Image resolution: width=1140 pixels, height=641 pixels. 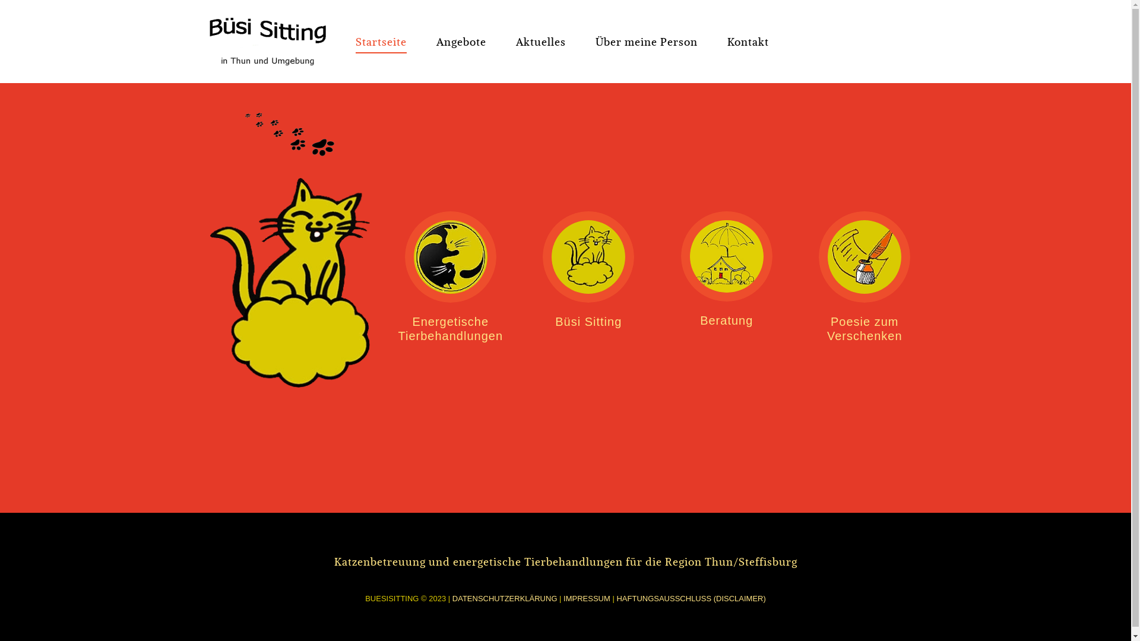 What do you see at coordinates (746, 40) in the screenshot?
I see `'Kontakt'` at bounding box center [746, 40].